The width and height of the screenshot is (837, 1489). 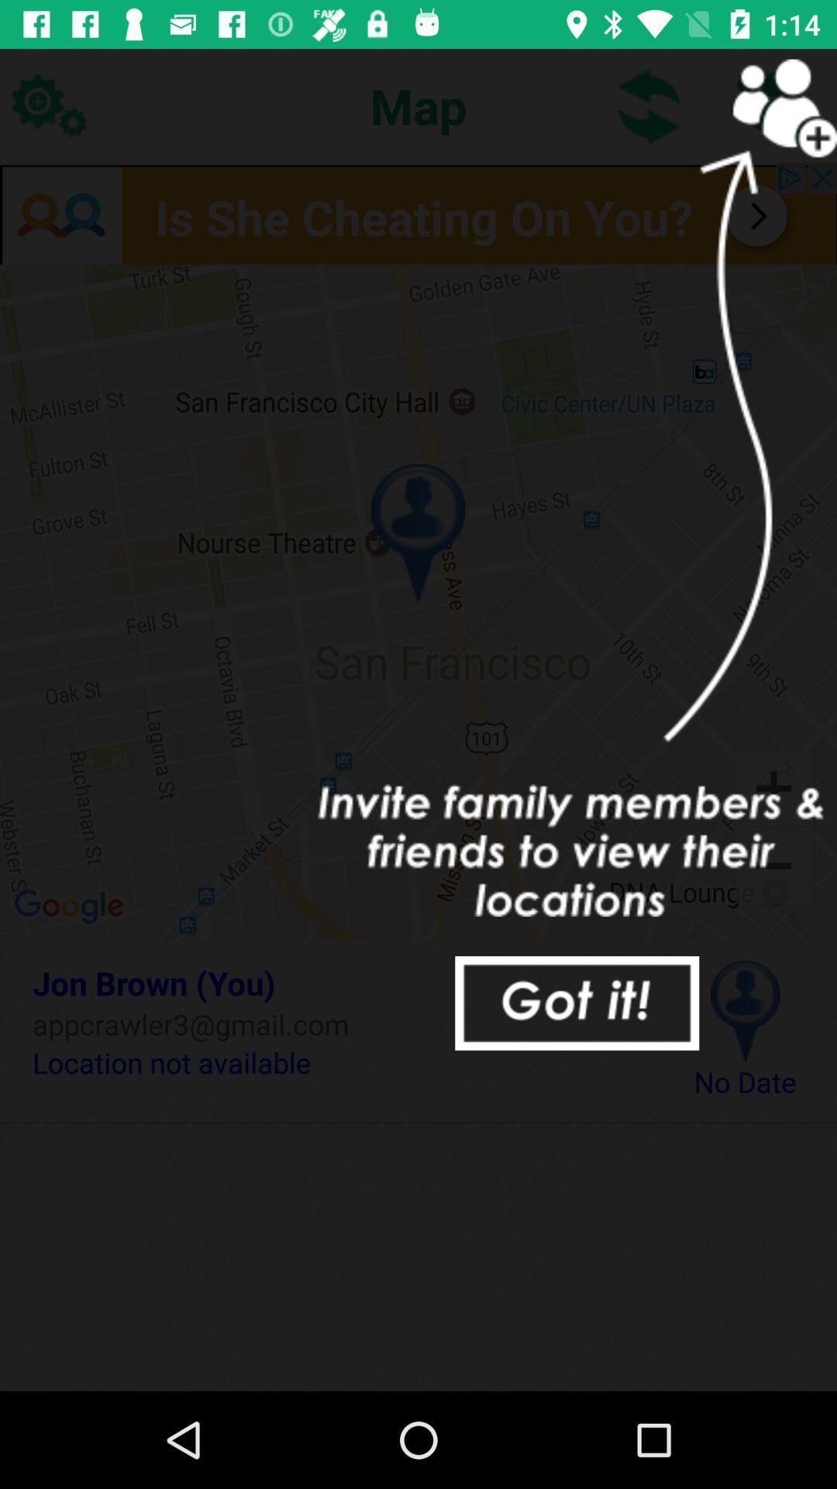 What do you see at coordinates (649, 105) in the screenshot?
I see `item to the right of the map icon` at bounding box center [649, 105].